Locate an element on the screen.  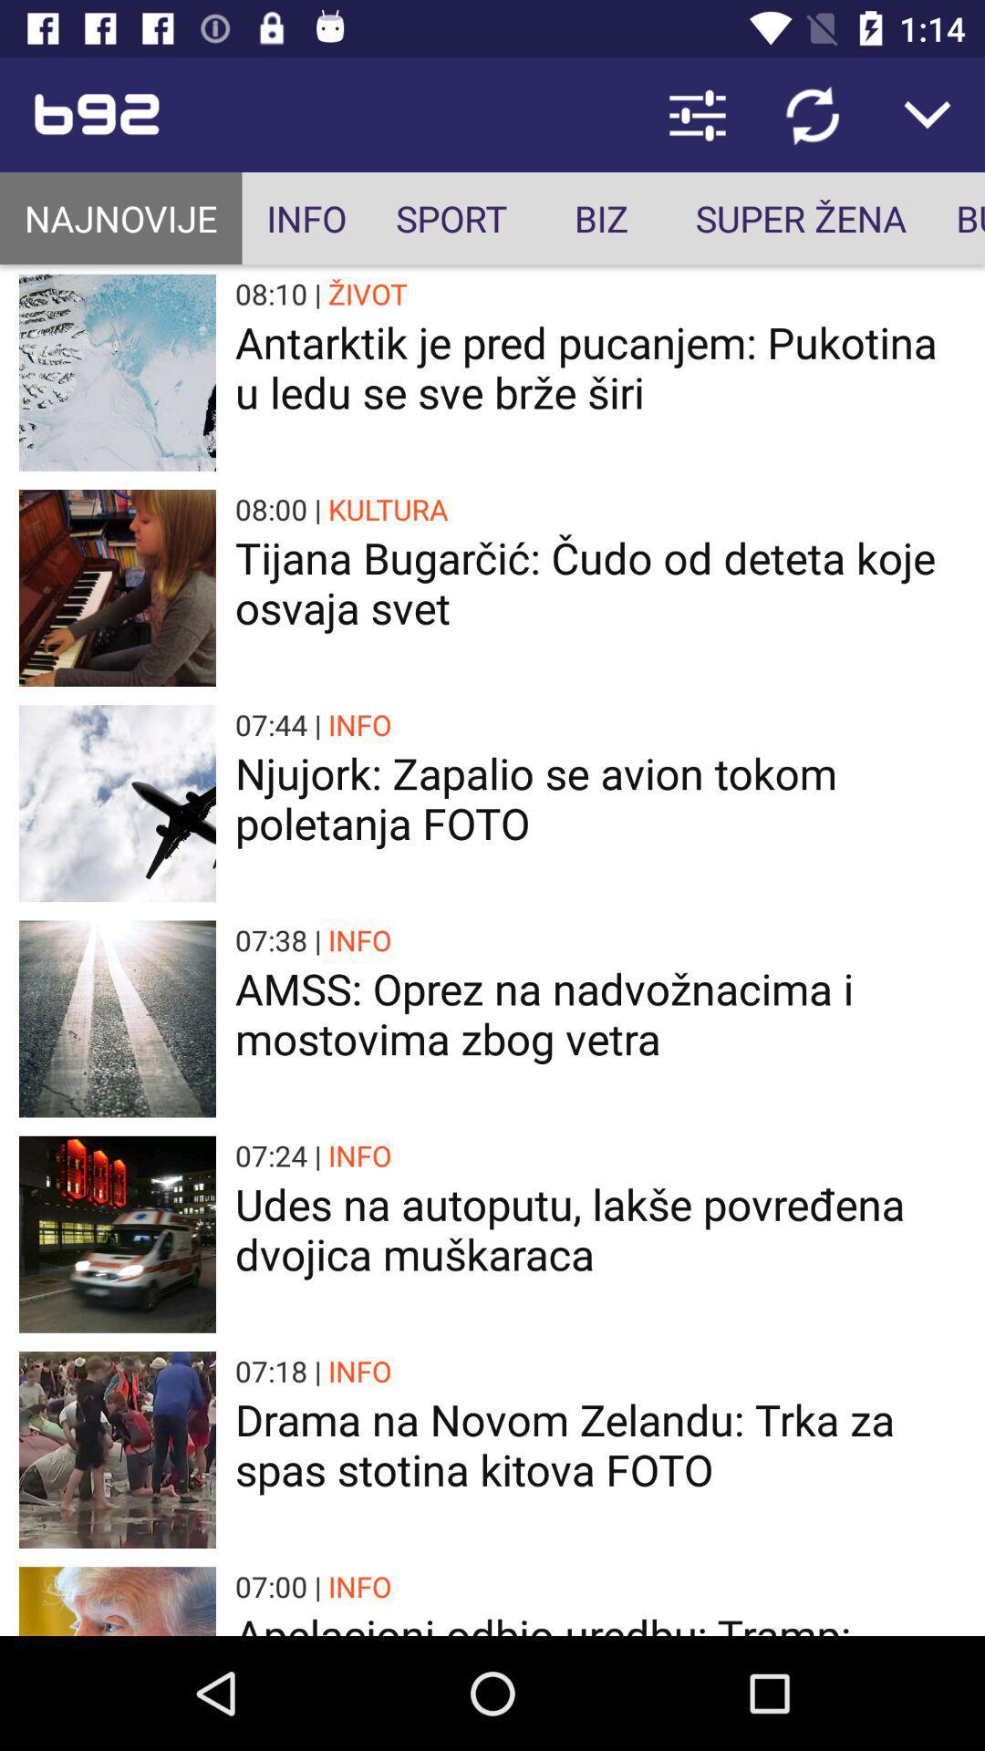
the icon above the najnovije item is located at coordinates (195, 113).